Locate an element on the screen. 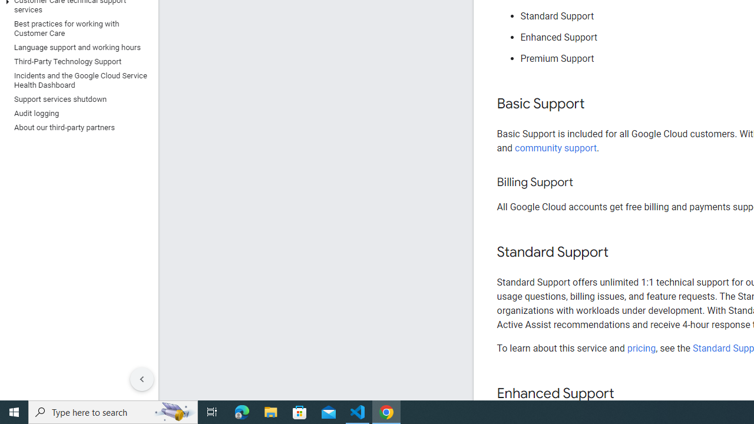 This screenshot has width=754, height=424. 'community support' is located at coordinates (555, 147).